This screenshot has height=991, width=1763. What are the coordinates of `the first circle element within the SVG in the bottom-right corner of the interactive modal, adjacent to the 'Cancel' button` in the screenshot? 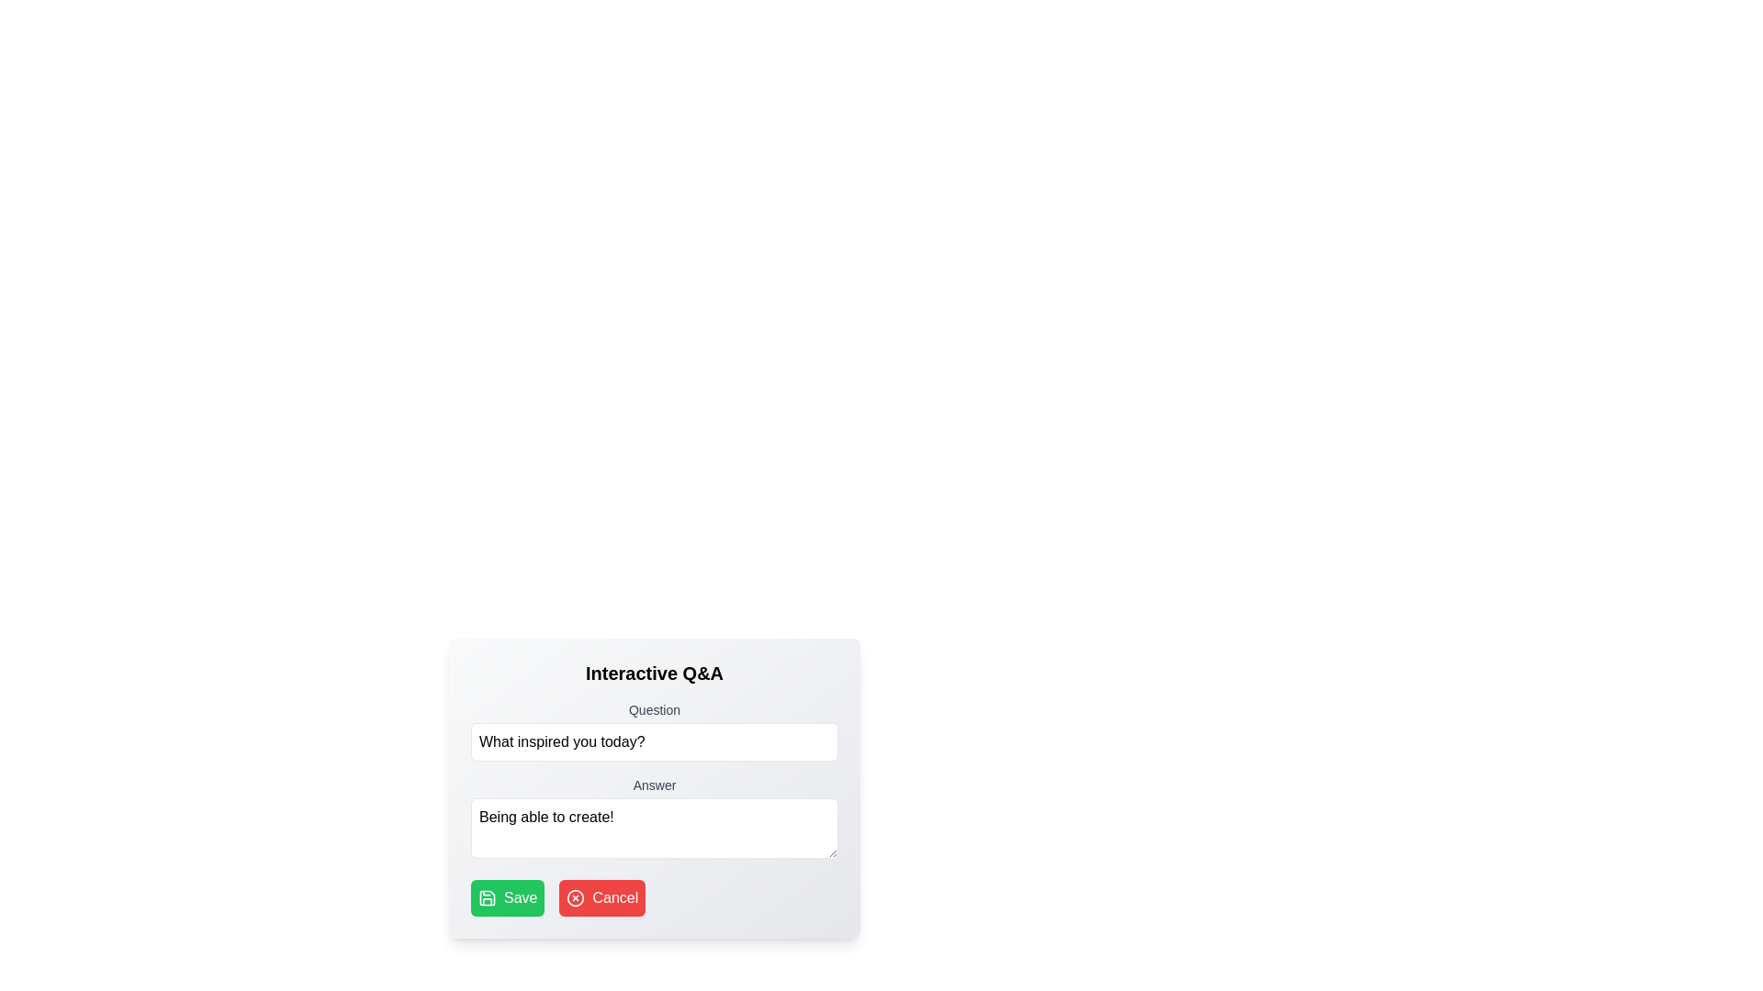 It's located at (575, 897).